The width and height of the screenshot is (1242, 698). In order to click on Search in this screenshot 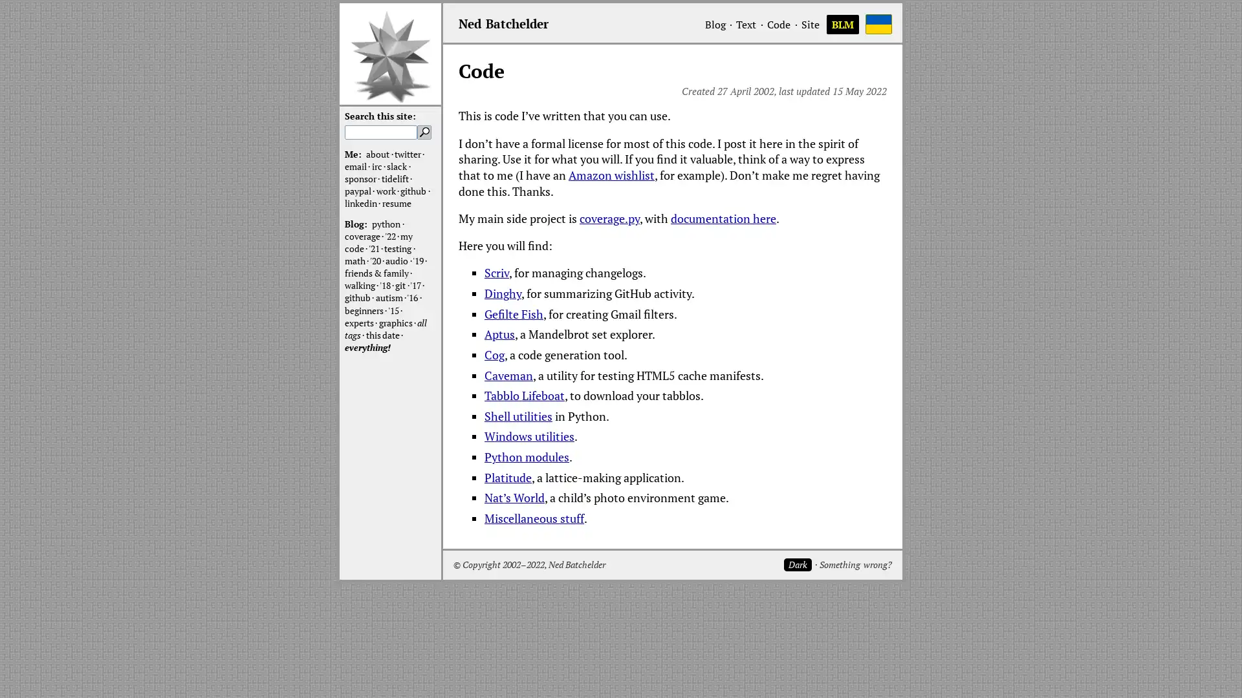, I will do `click(424, 132)`.